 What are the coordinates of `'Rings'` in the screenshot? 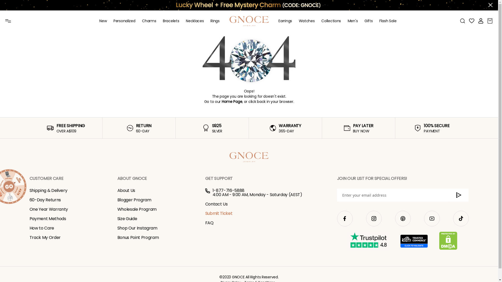 It's located at (210, 21).